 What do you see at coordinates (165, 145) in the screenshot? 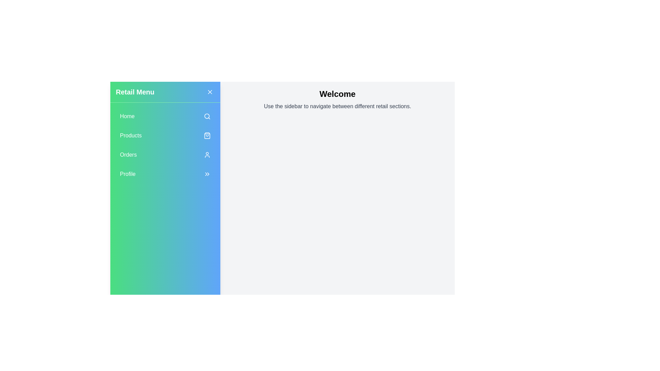
I see `the 'Orders' menu item in the sidebar menu labeled 'Retail Menu'` at bounding box center [165, 145].